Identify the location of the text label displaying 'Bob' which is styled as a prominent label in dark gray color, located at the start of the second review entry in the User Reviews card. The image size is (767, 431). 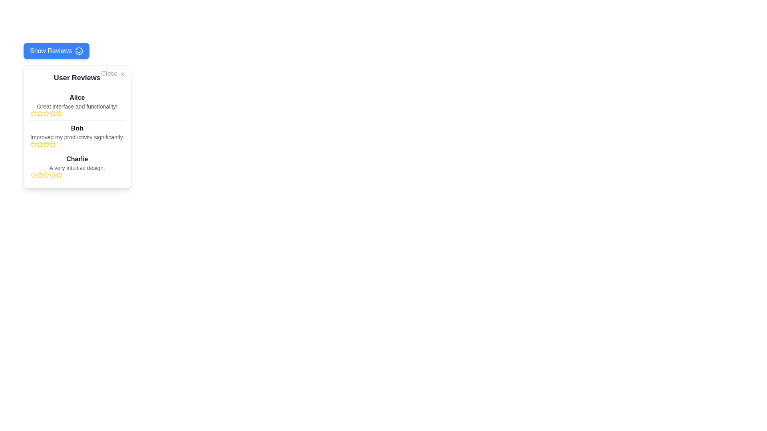
(77, 128).